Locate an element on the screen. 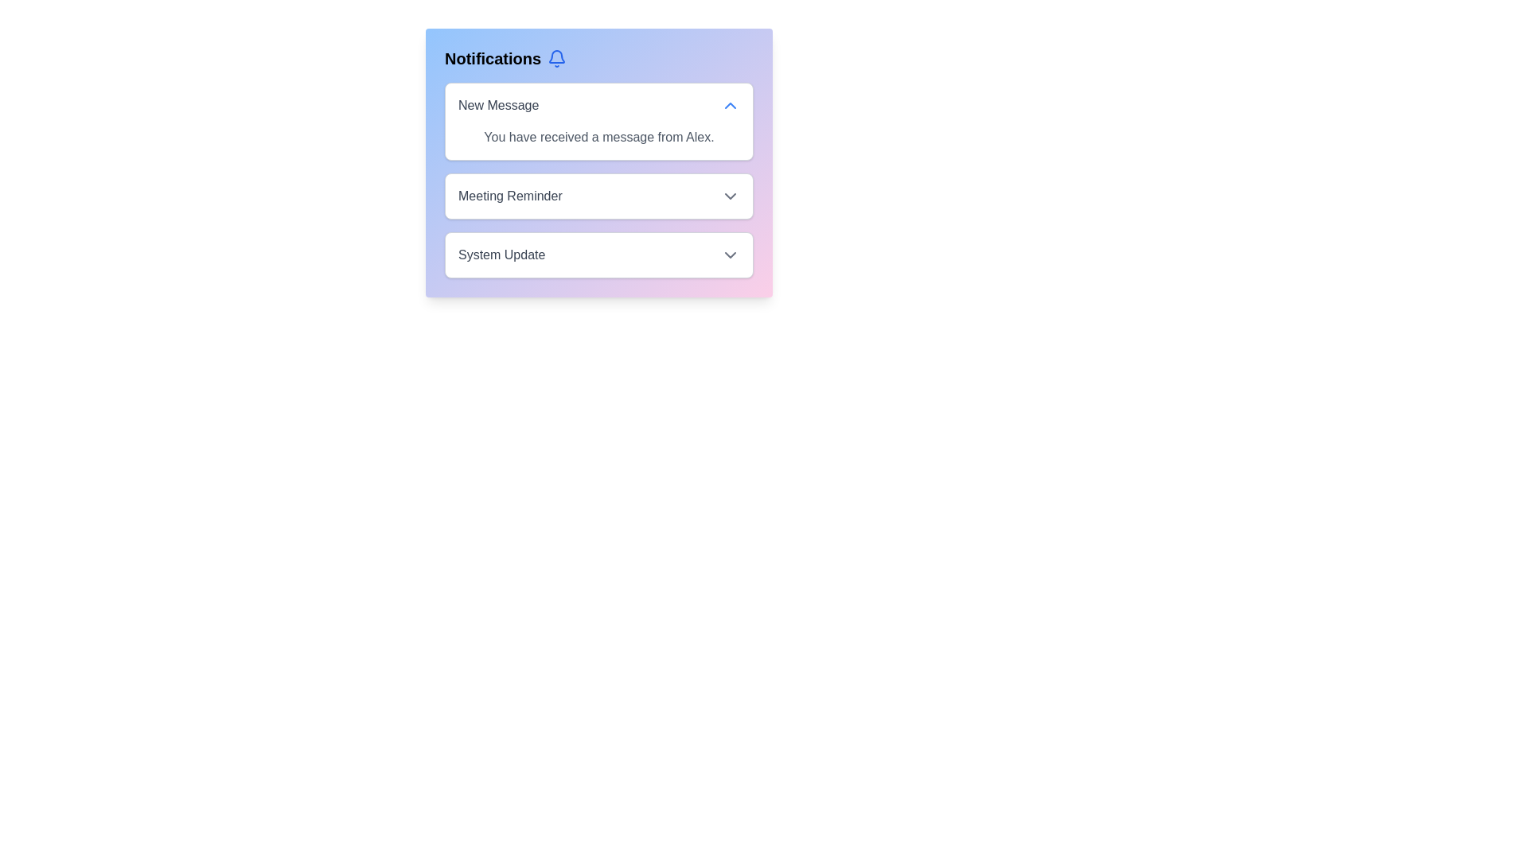 This screenshot has width=1528, height=859. the chevron icon located in the 'Meeting Reminder' section is located at coordinates (729, 195).